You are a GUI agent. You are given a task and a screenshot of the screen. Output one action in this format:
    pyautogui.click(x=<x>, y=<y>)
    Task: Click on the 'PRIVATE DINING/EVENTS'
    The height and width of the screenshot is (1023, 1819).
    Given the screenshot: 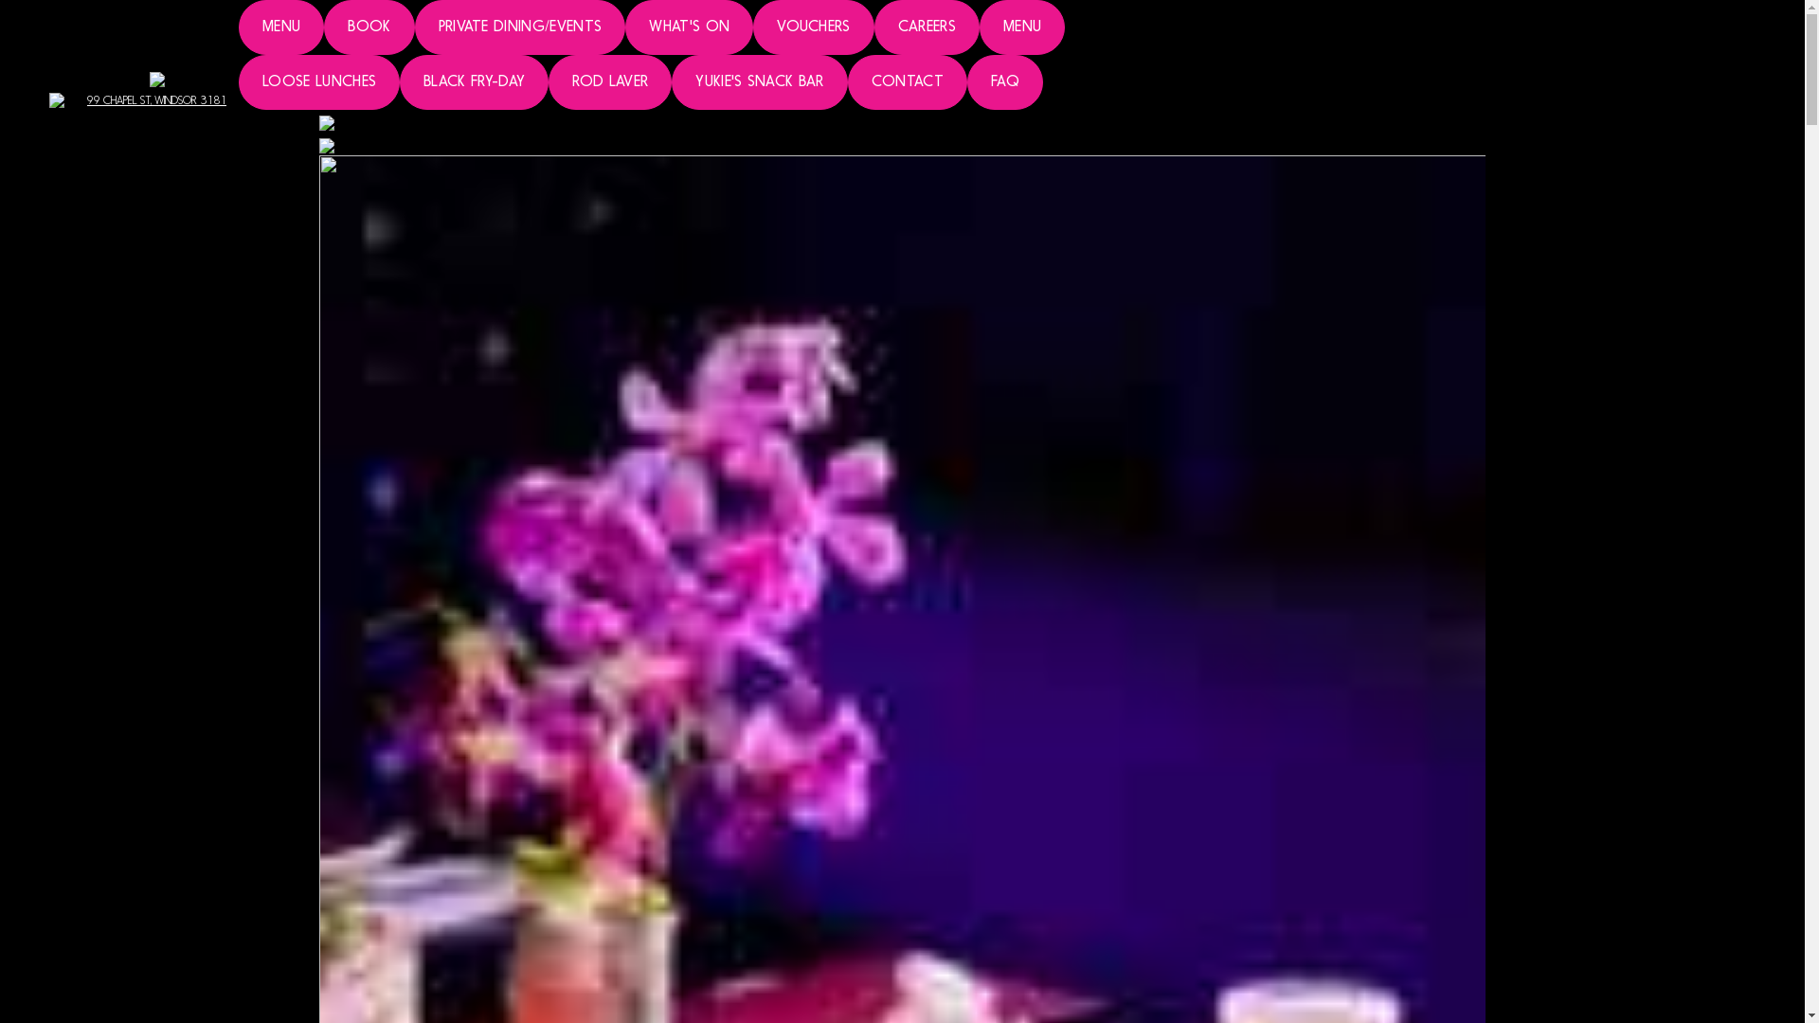 What is the action you would take?
    pyautogui.click(x=413, y=27)
    